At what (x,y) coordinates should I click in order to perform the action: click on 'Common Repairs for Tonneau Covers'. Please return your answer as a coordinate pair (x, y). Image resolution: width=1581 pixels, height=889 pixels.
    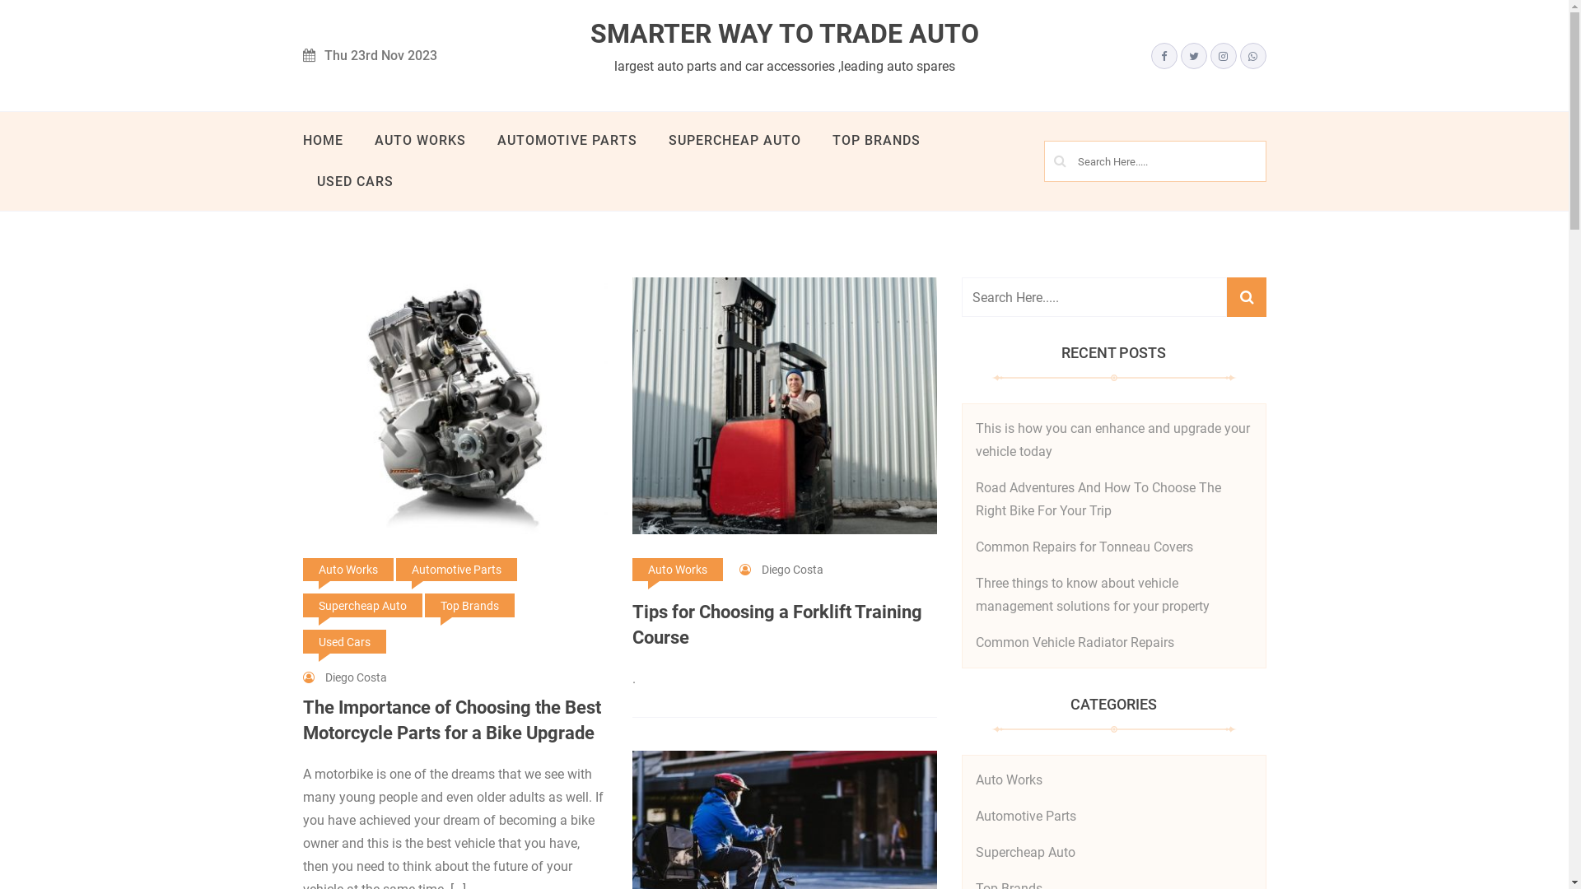
    Looking at the image, I should click on (1083, 547).